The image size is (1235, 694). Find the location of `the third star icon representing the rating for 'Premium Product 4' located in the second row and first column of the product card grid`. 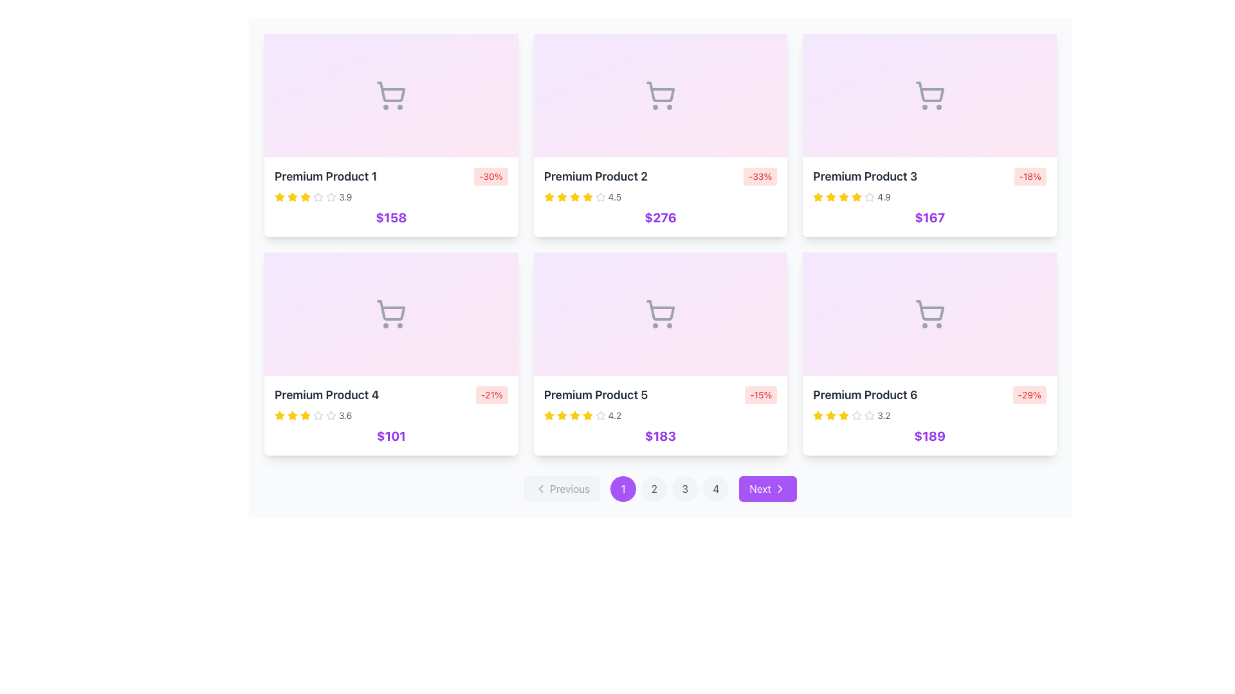

the third star icon representing the rating for 'Premium Product 4' located in the second row and first column of the product card grid is located at coordinates (318, 415).